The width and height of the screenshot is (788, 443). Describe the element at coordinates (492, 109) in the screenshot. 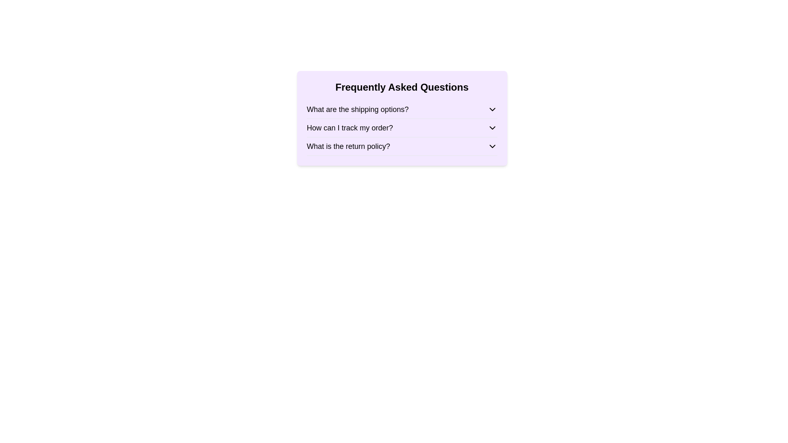

I see `the Chevron indicator icon on the far-right side of the row labeled 'What are the shipping options?'` at that location.